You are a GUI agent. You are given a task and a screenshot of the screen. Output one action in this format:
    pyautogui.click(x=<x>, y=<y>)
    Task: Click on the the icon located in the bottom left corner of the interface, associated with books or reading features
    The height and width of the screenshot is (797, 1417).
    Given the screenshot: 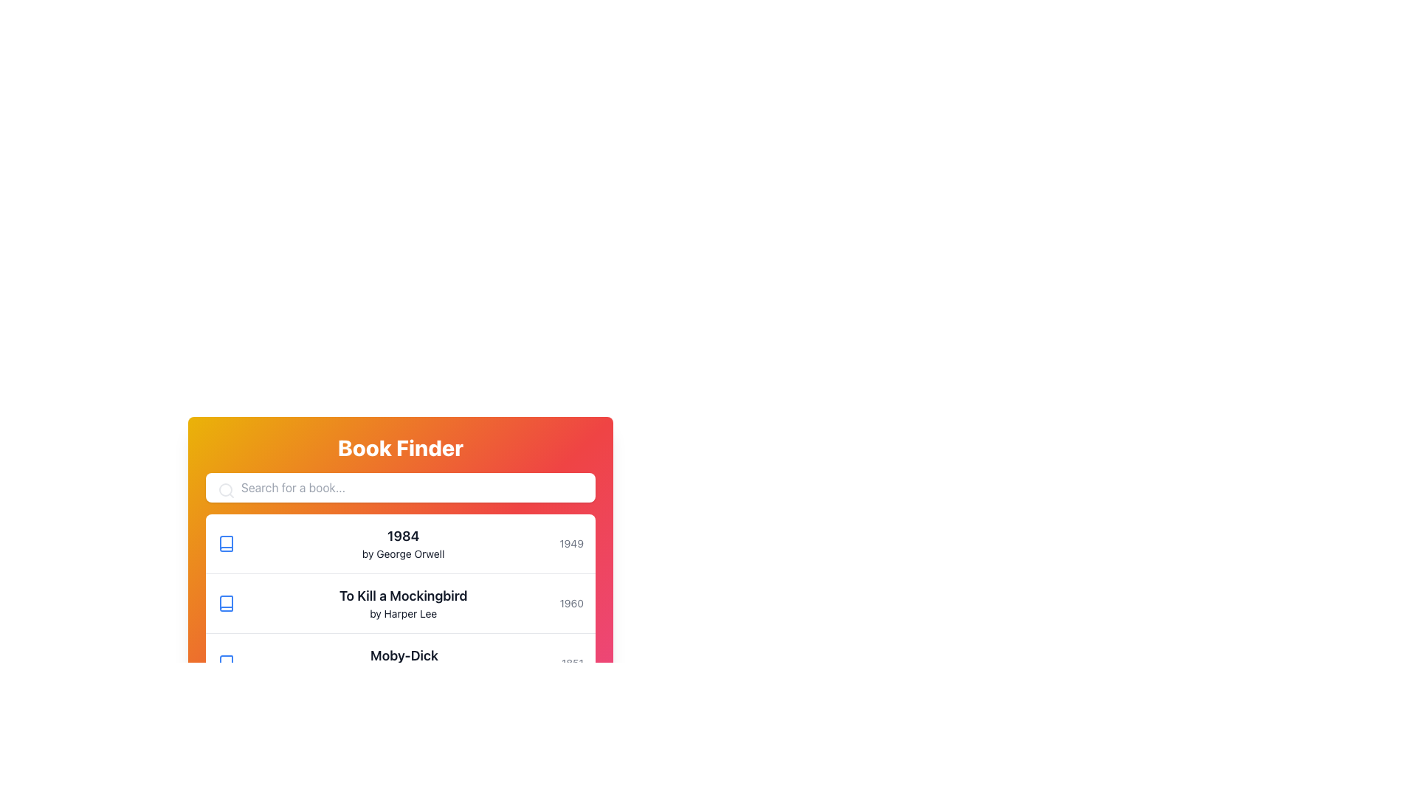 What is the action you would take?
    pyautogui.click(x=226, y=722)
    